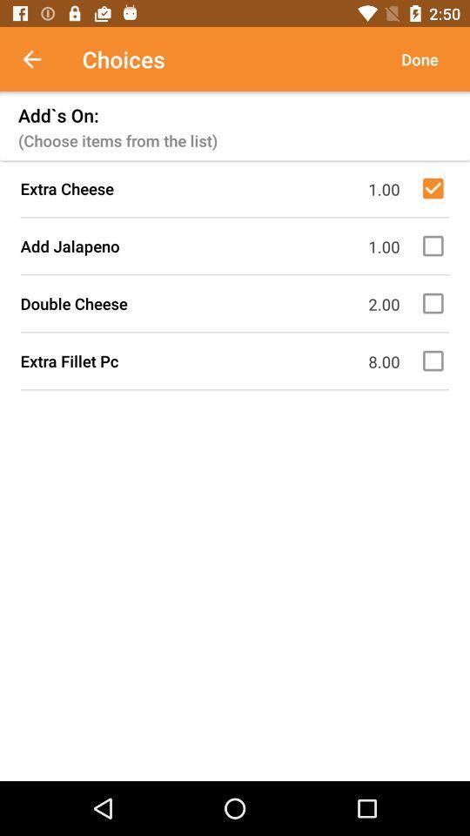 This screenshot has width=470, height=836. I want to click on double cheese, so click(435, 303).